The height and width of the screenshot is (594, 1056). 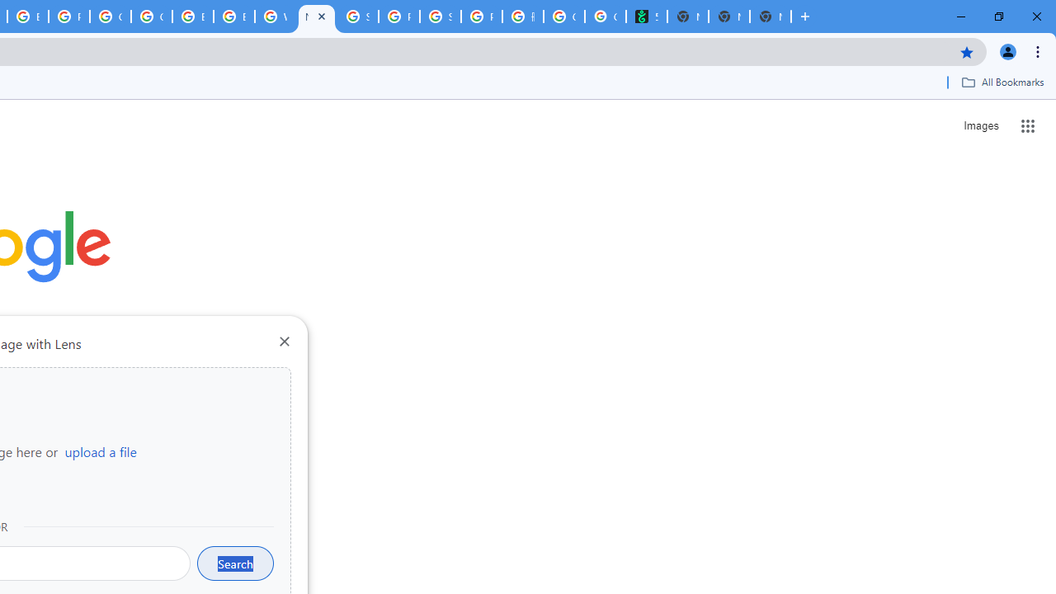 I want to click on 'Google Cloud Platform', so click(x=151, y=16).